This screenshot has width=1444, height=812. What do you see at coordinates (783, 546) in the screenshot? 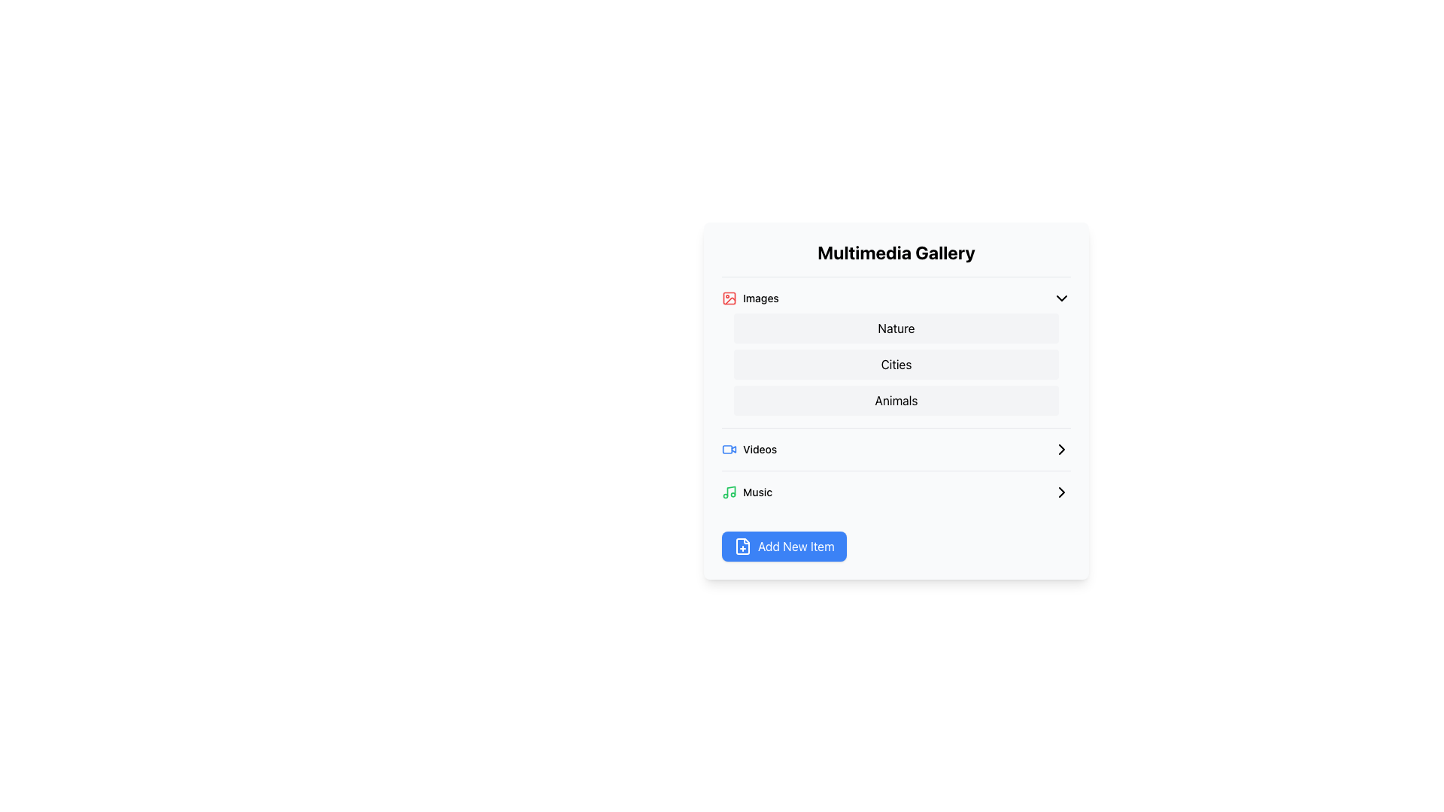
I see `the 'Add Item' button located at the bottom right of the 'Multimedia Gallery' section, just below the 'Music' section` at bounding box center [783, 546].